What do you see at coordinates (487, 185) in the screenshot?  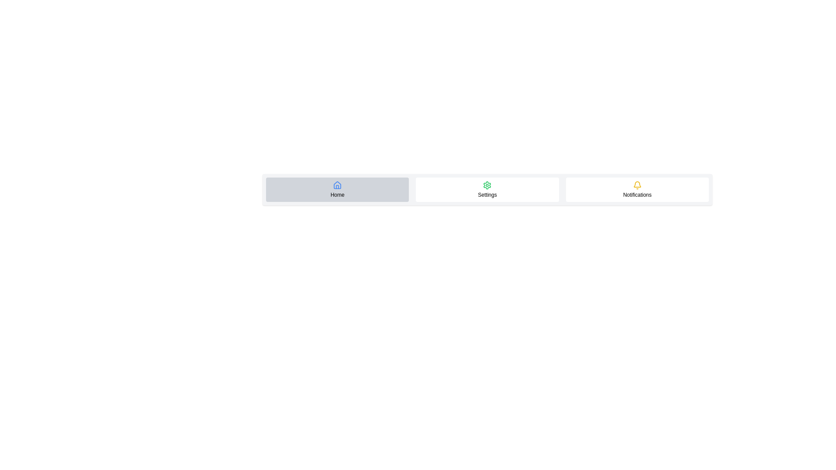 I see `the gear-shaped icon with a green border located in the settings section of the navigation bar` at bounding box center [487, 185].